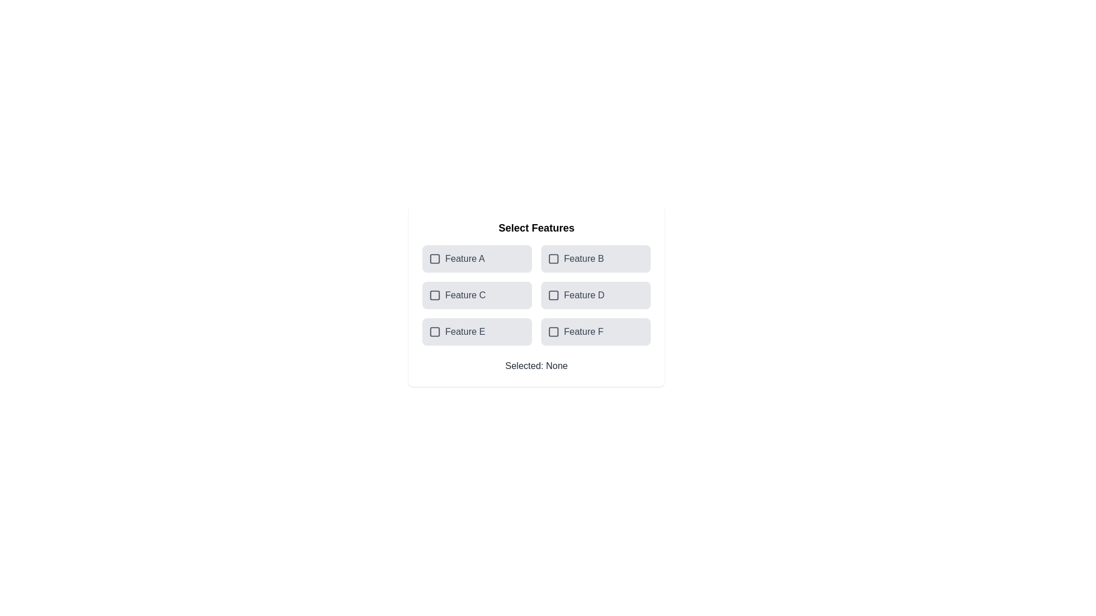 The height and width of the screenshot is (616, 1096). Describe the element at coordinates (595, 294) in the screenshot. I see `the rectangular button with rounded corners labeled 'Feature D', which is located in the second row and second column of the grid layout, beneath 'Feature B' and to the right of 'Feature C'` at that location.